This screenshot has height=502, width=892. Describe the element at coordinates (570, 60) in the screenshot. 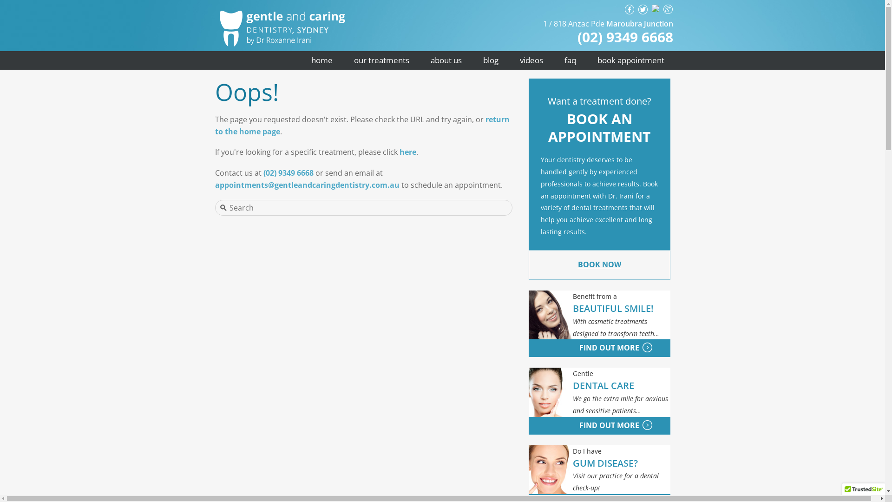

I see `'faq'` at that location.